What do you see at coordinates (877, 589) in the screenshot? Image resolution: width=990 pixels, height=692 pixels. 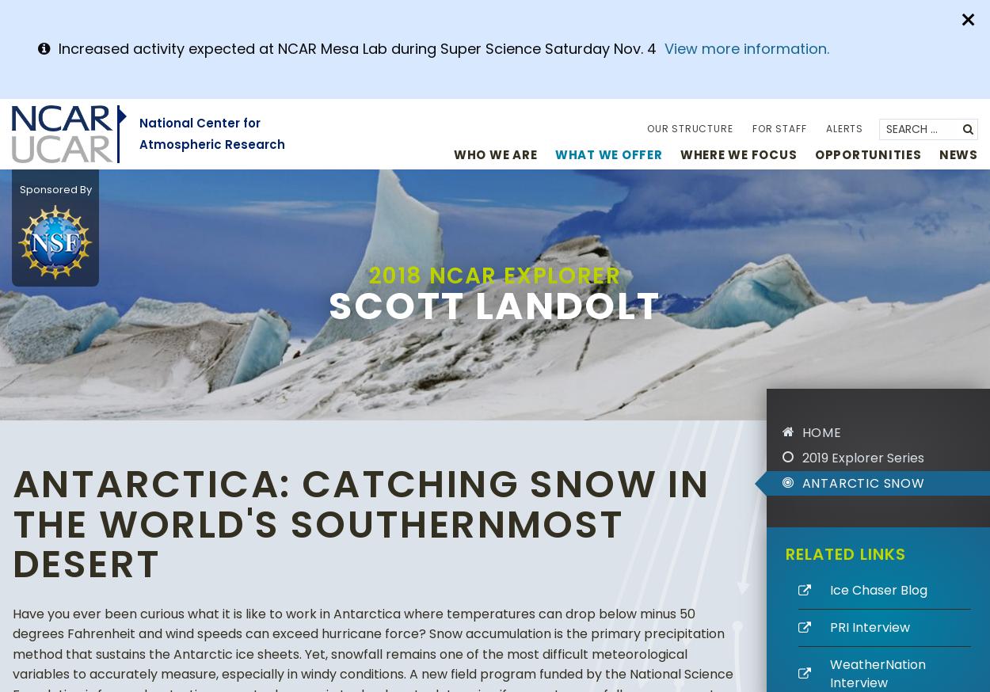 I see `'Ice Chaser Blog'` at bounding box center [877, 589].